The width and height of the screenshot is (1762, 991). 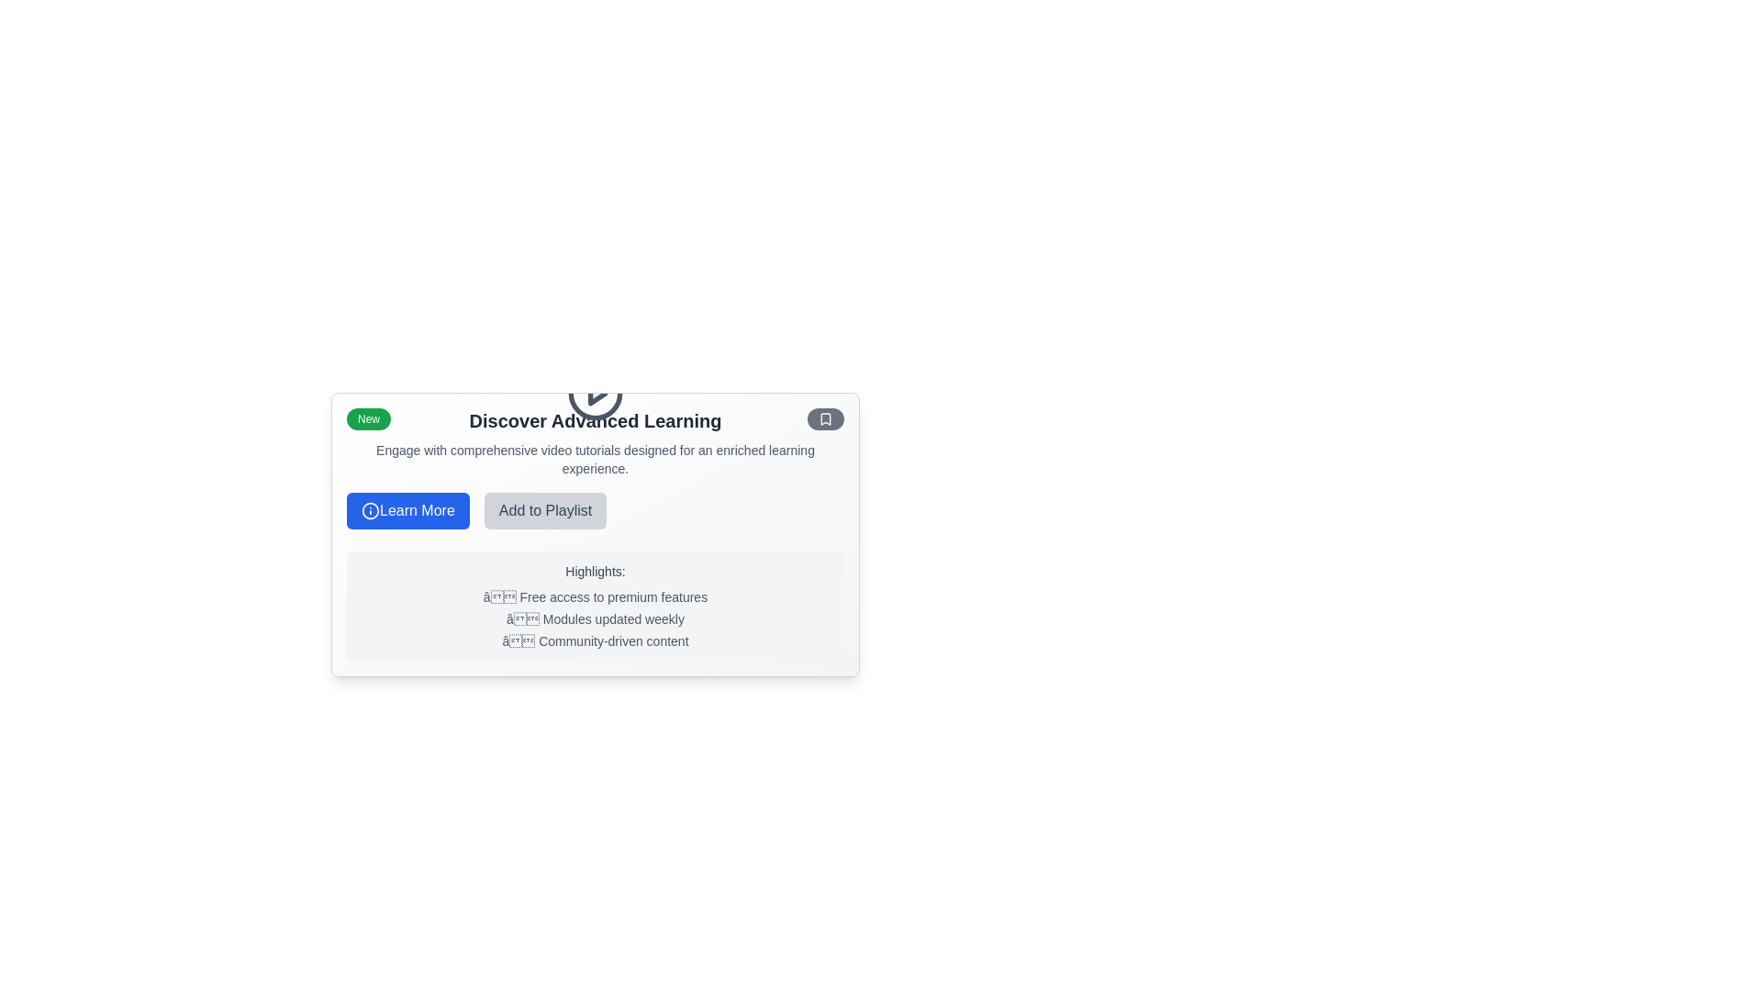 What do you see at coordinates (595, 619) in the screenshot?
I see `the text element that reads '✓ Modules updated weekly' with a checkmark symbol, which is located in the highlights section as the second item` at bounding box center [595, 619].